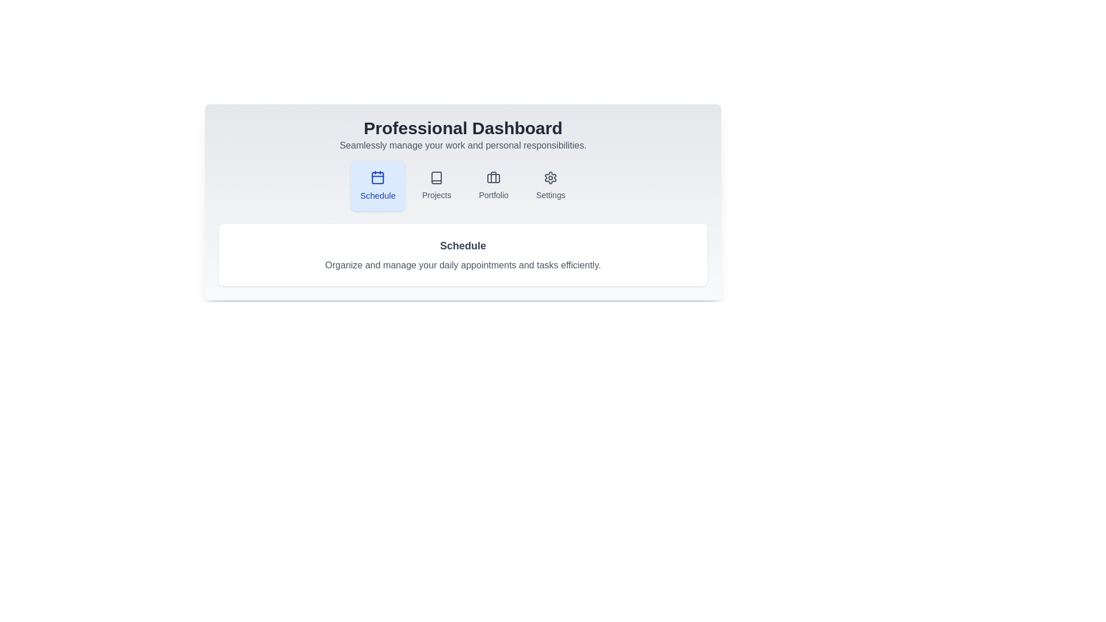  I want to click on the tab associated with Settings, so click(550, 185).